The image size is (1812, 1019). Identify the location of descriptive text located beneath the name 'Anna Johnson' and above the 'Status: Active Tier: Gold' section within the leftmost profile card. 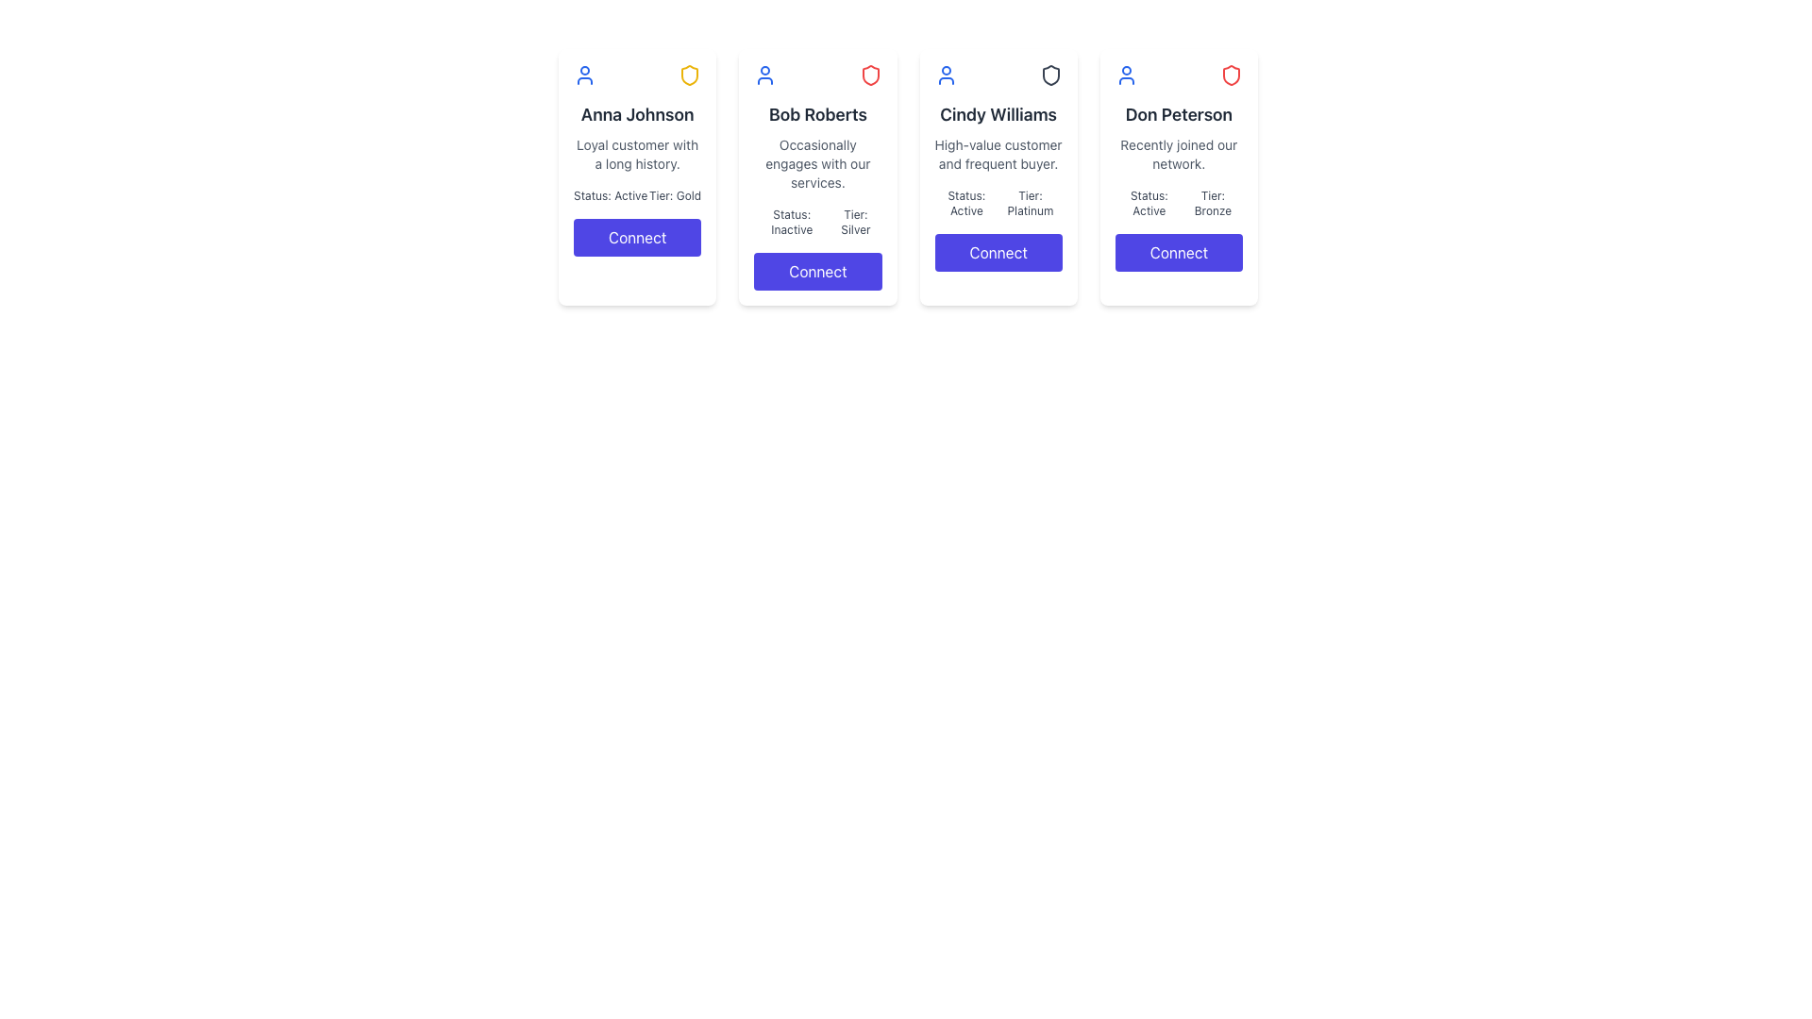
(637, 154).